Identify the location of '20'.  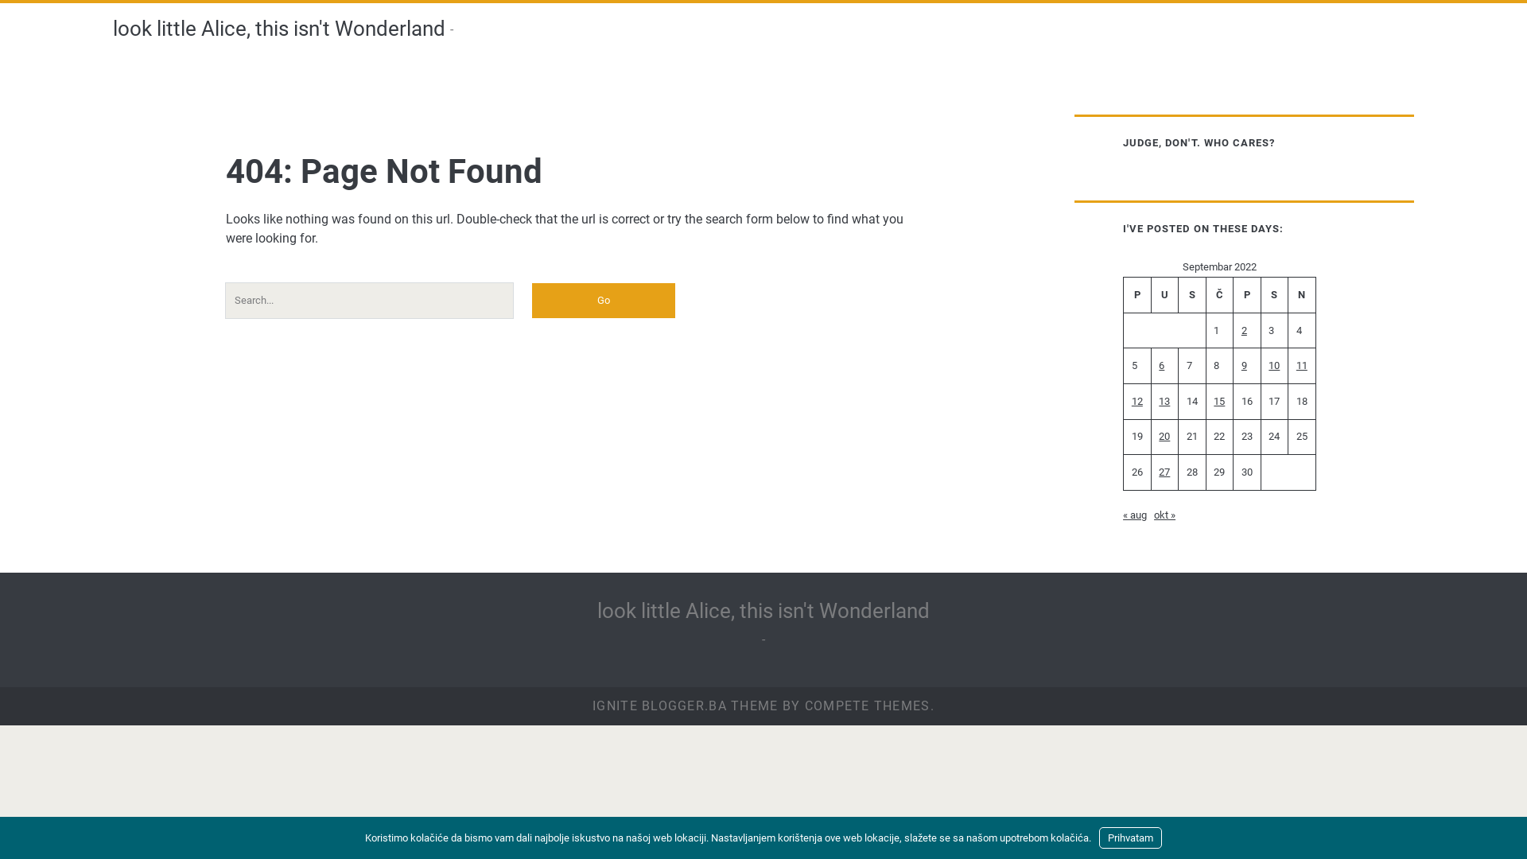
(1164, 436).